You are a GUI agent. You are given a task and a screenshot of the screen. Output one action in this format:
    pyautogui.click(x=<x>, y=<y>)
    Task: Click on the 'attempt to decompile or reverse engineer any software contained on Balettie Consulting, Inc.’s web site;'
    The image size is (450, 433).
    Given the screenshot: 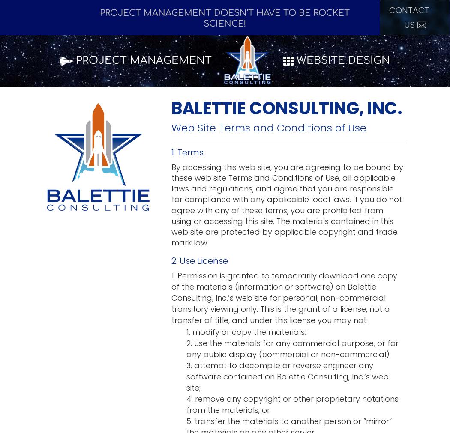 What is the action you would take?
    pyautogui.click(x=287, y=376)
    